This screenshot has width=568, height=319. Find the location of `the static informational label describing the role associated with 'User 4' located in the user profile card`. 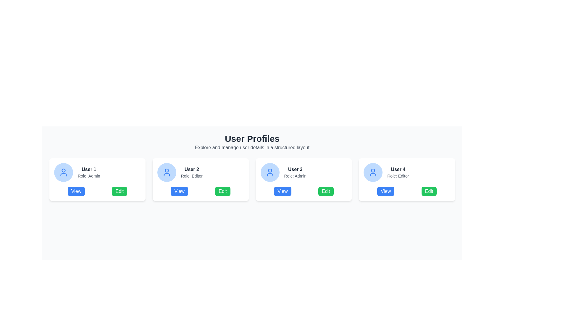

the static informational label describing the role associated with 'User 4' located in the user profile card is located at coordinates (398, 176).